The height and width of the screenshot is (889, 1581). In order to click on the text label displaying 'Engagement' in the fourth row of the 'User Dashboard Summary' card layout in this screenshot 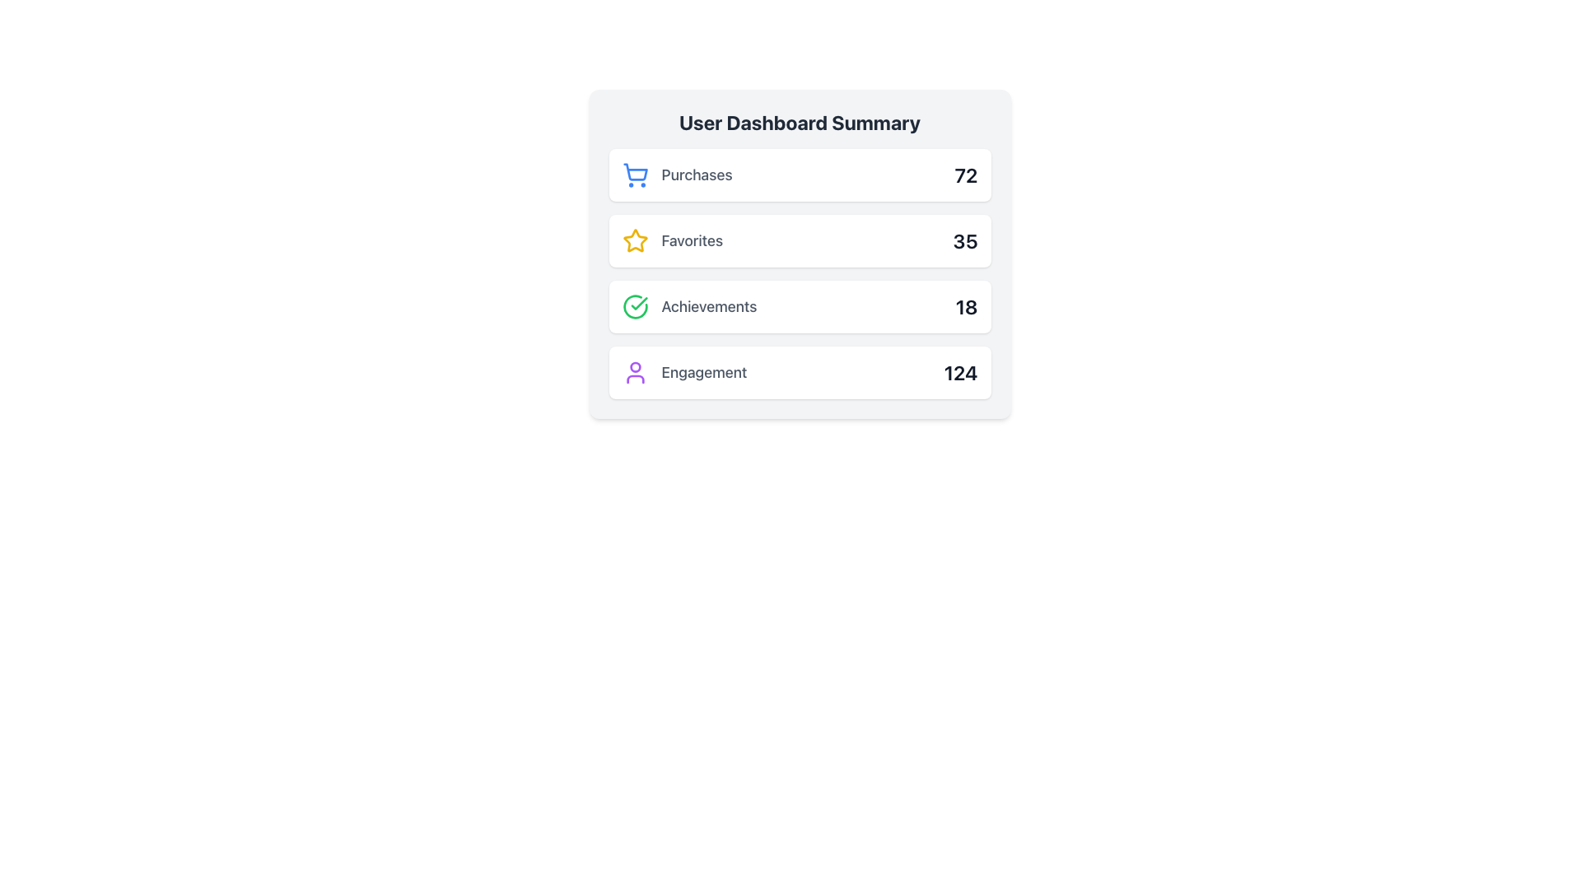, I will do `click(704, 372)`.